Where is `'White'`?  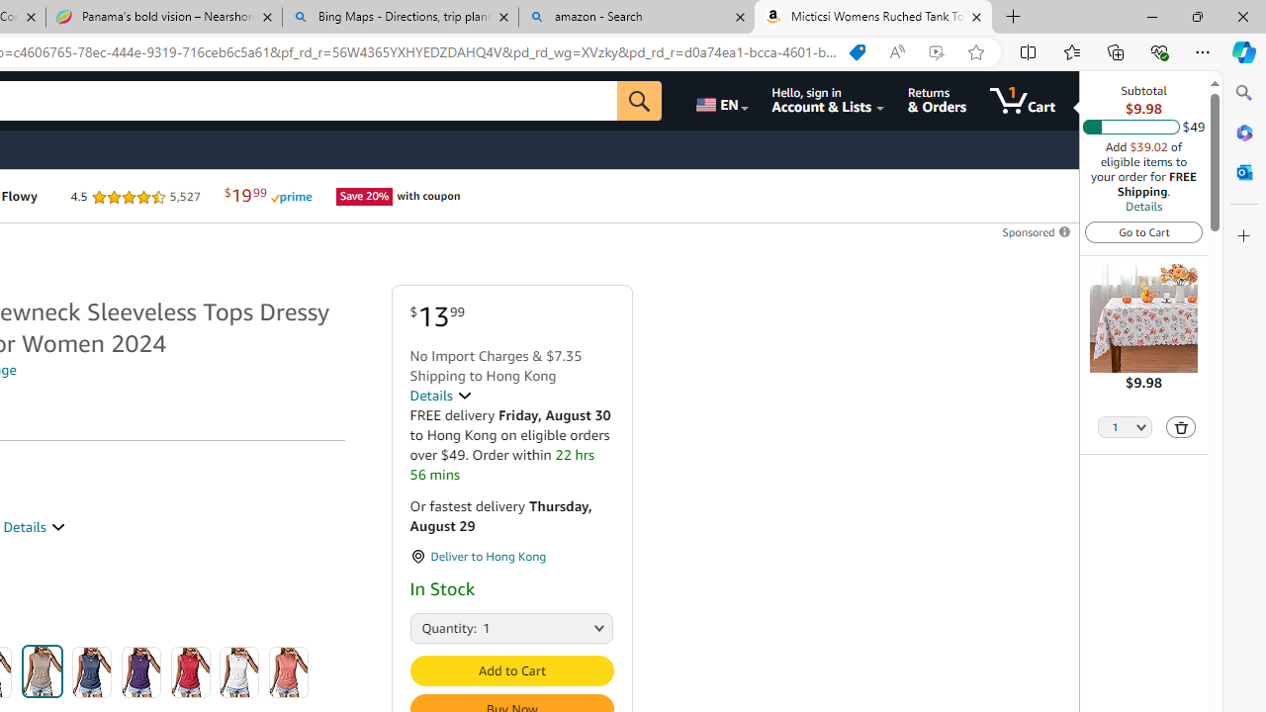 'White' is located at coordinates (238, 671).